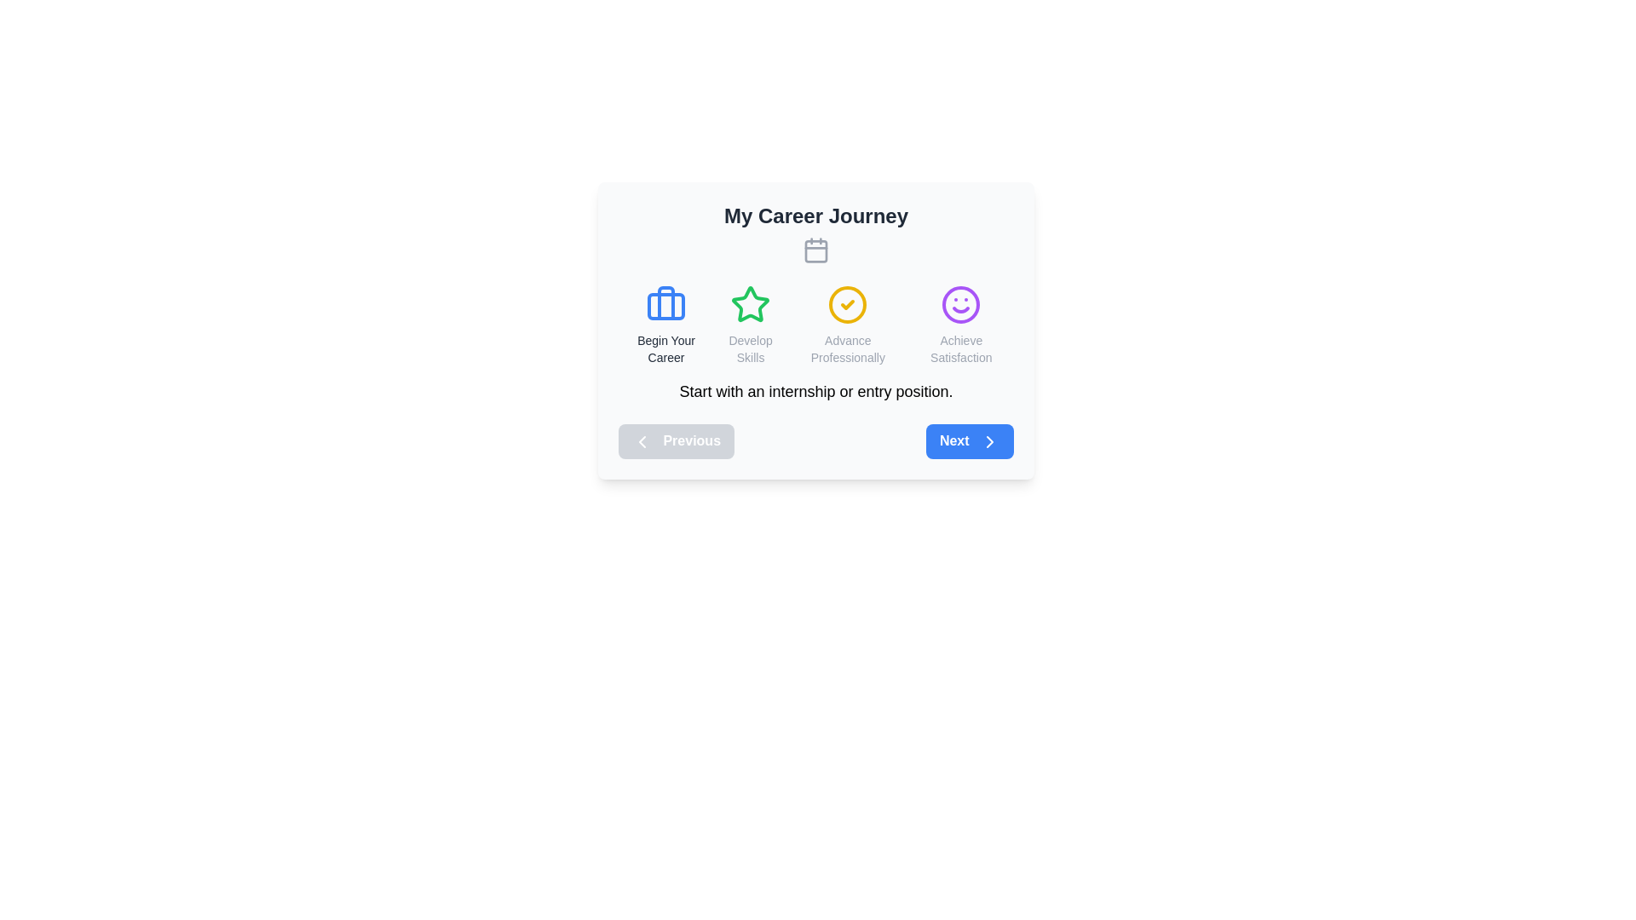 Image resolution: width=1636 pixels, height=920 pixels. What do you see at coordinates (815, 391) in the screenshot?
I see `the static instructional text located below the icons for 'Begin Your Career,' 'Develop Skills,' 'Advance Professionally,' and 'Achieve Satisfaction' in the 'My Career Journey' card, positioned above the 'Previous' and 'Next' navigation buttons` at bounding box center [815, 391].